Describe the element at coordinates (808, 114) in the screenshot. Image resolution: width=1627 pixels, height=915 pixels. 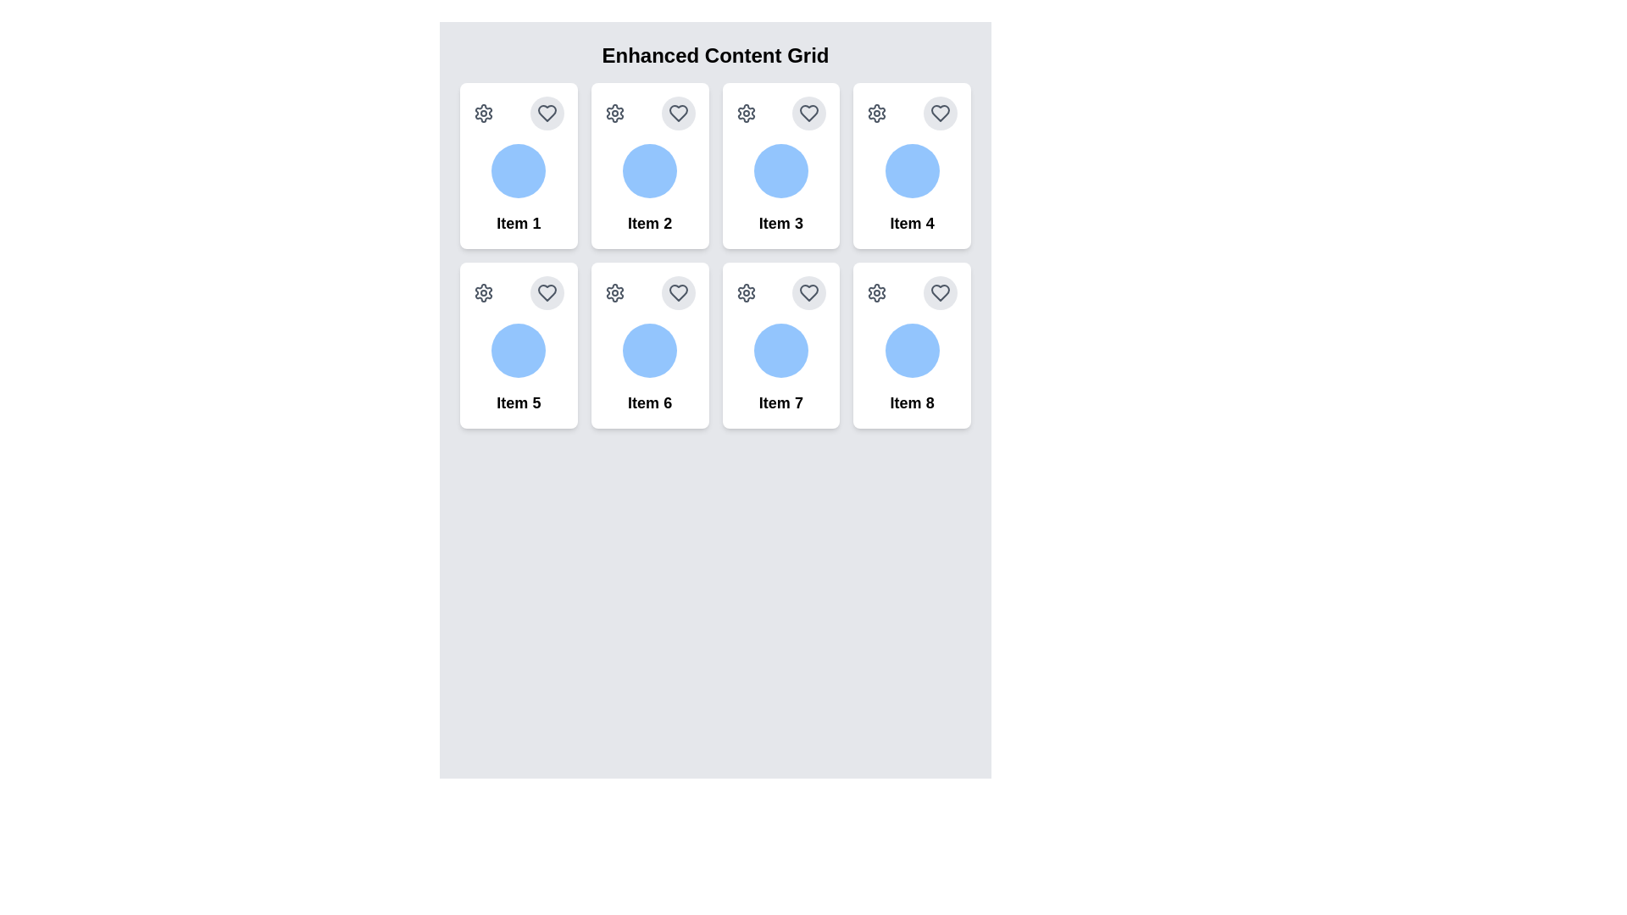
I see `the heart-shaped favorite icon located in the top-right corner of the third card in the 'Enhanced Content Grid'` at that location.